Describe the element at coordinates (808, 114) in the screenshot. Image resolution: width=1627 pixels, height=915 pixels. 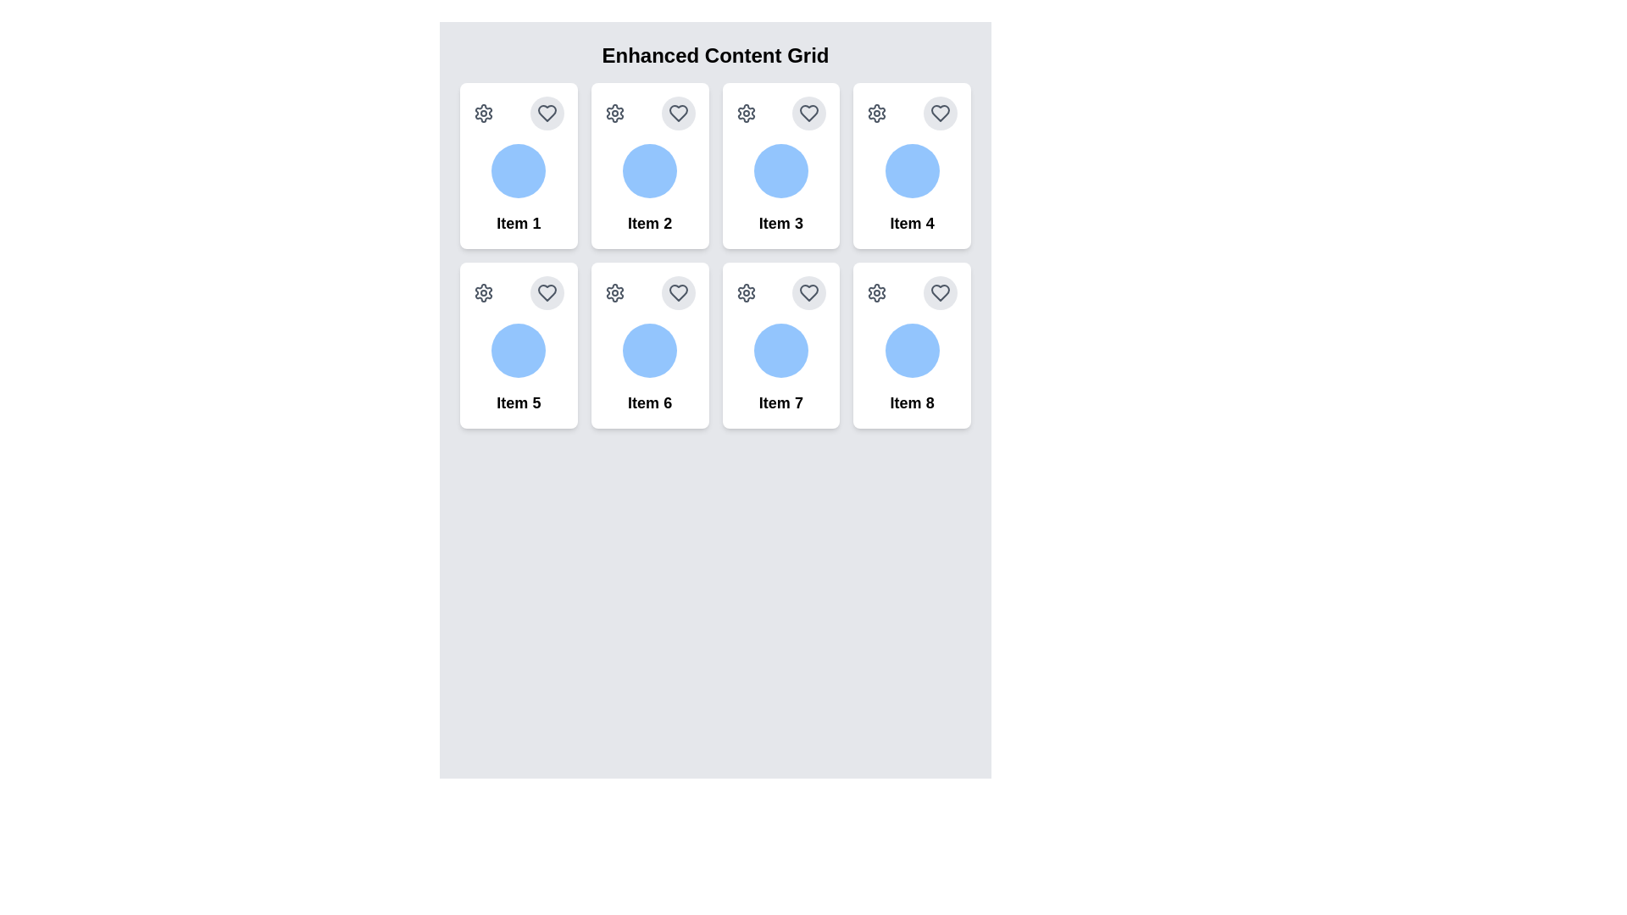
I see `the heart-shaped favorite icon located in the top-right corner of the third card in the 'Enhanced Content Grid'` at that location.